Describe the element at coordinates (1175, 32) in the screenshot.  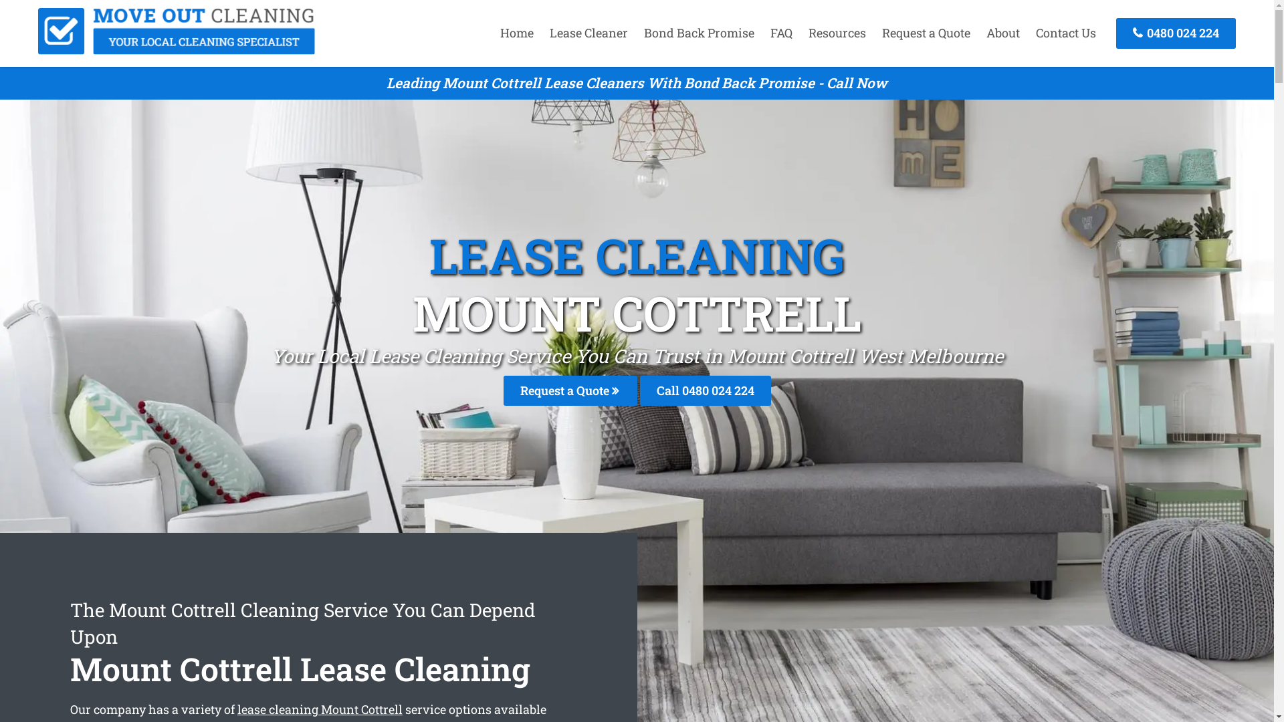
I see `'0480 024 224'` at that location.